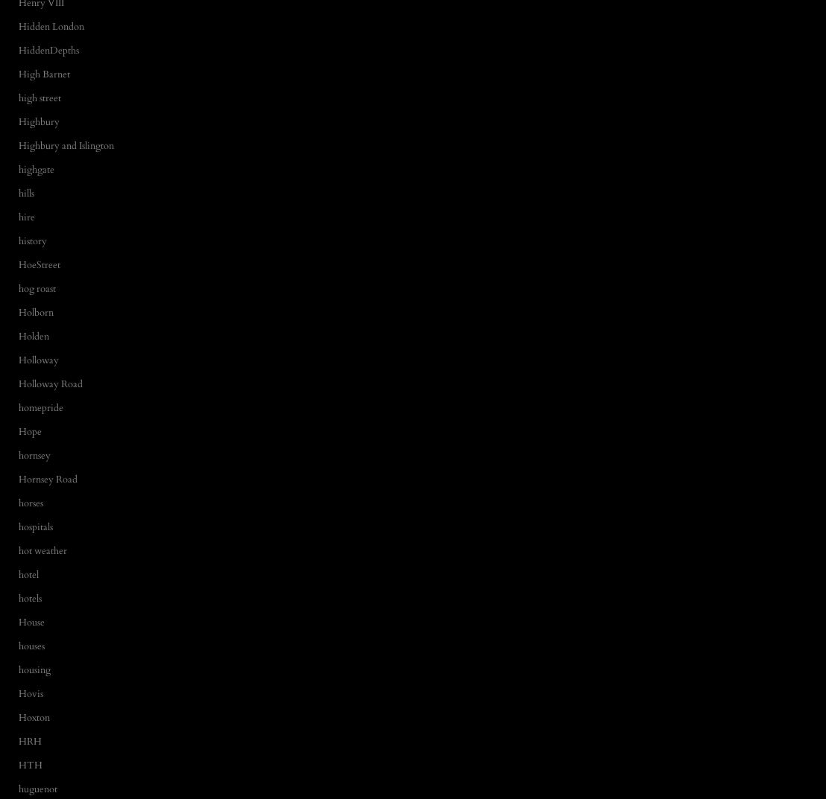 Image resolution: width=826 pixels, height=799 pixels. I want to click on 'House', so click(31, 621).